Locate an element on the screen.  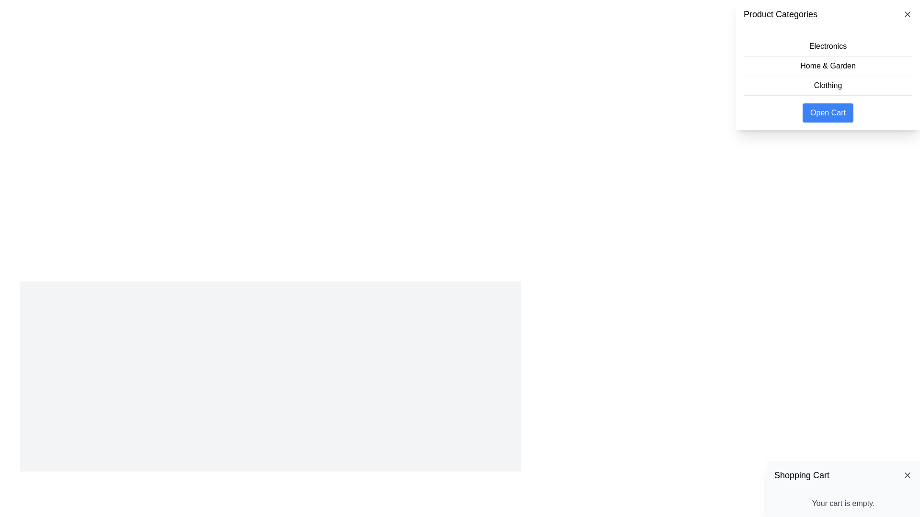
the close button located at the top right corner of the 'Shopping Cart' panel is located at coordinates (907, 475).